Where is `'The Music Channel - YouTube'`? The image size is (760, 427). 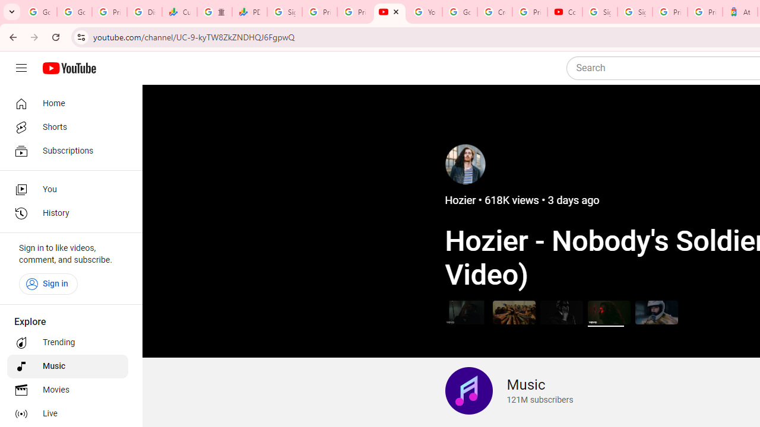
'The Music Channel - YouTube' is located at coordinates (389, 12).